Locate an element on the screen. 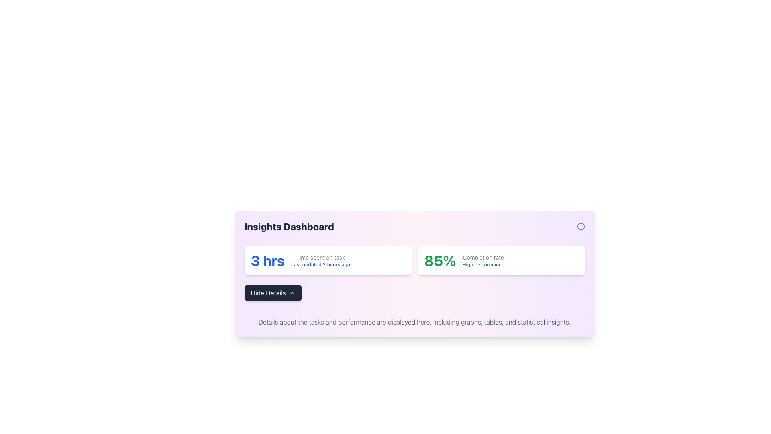  descriptive text block located to the right of the green percentage text ('85%') within the white card that contains performance metrics is located at coordinates (483, 260).